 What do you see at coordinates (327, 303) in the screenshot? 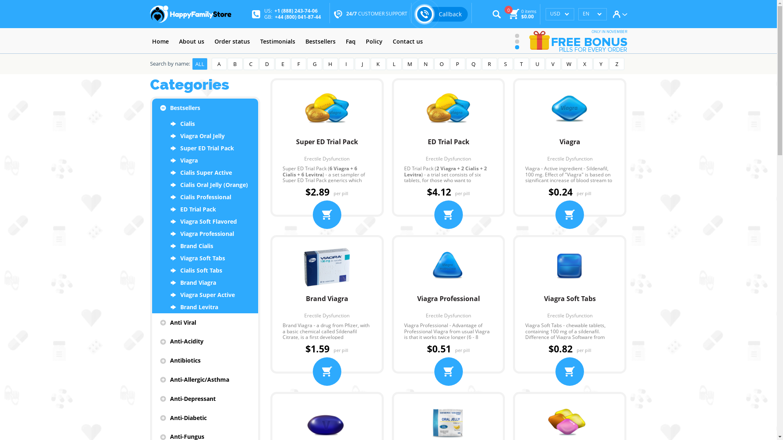
I see `'Brand Viagra'` at bounding box center [327, 303].